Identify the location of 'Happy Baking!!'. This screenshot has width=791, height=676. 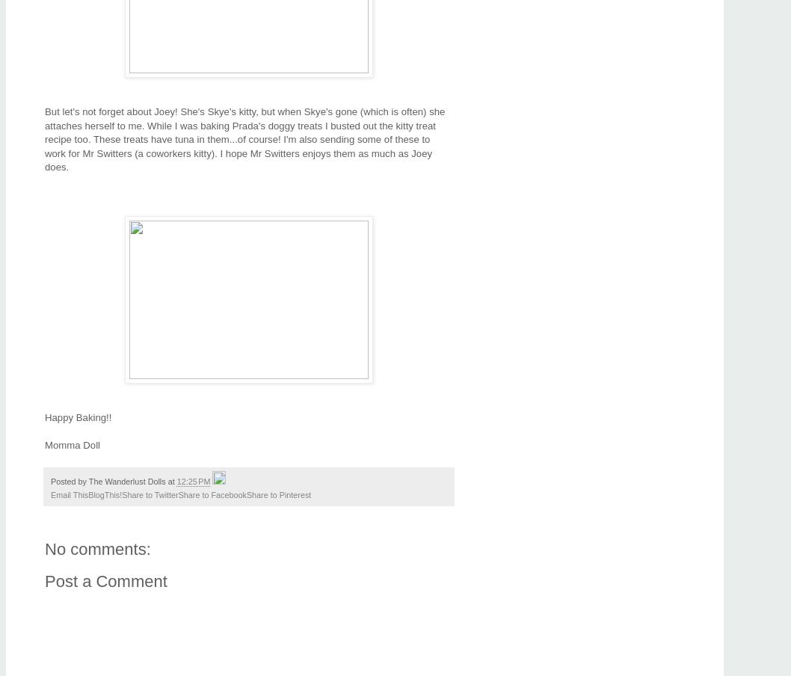
(77, 417).